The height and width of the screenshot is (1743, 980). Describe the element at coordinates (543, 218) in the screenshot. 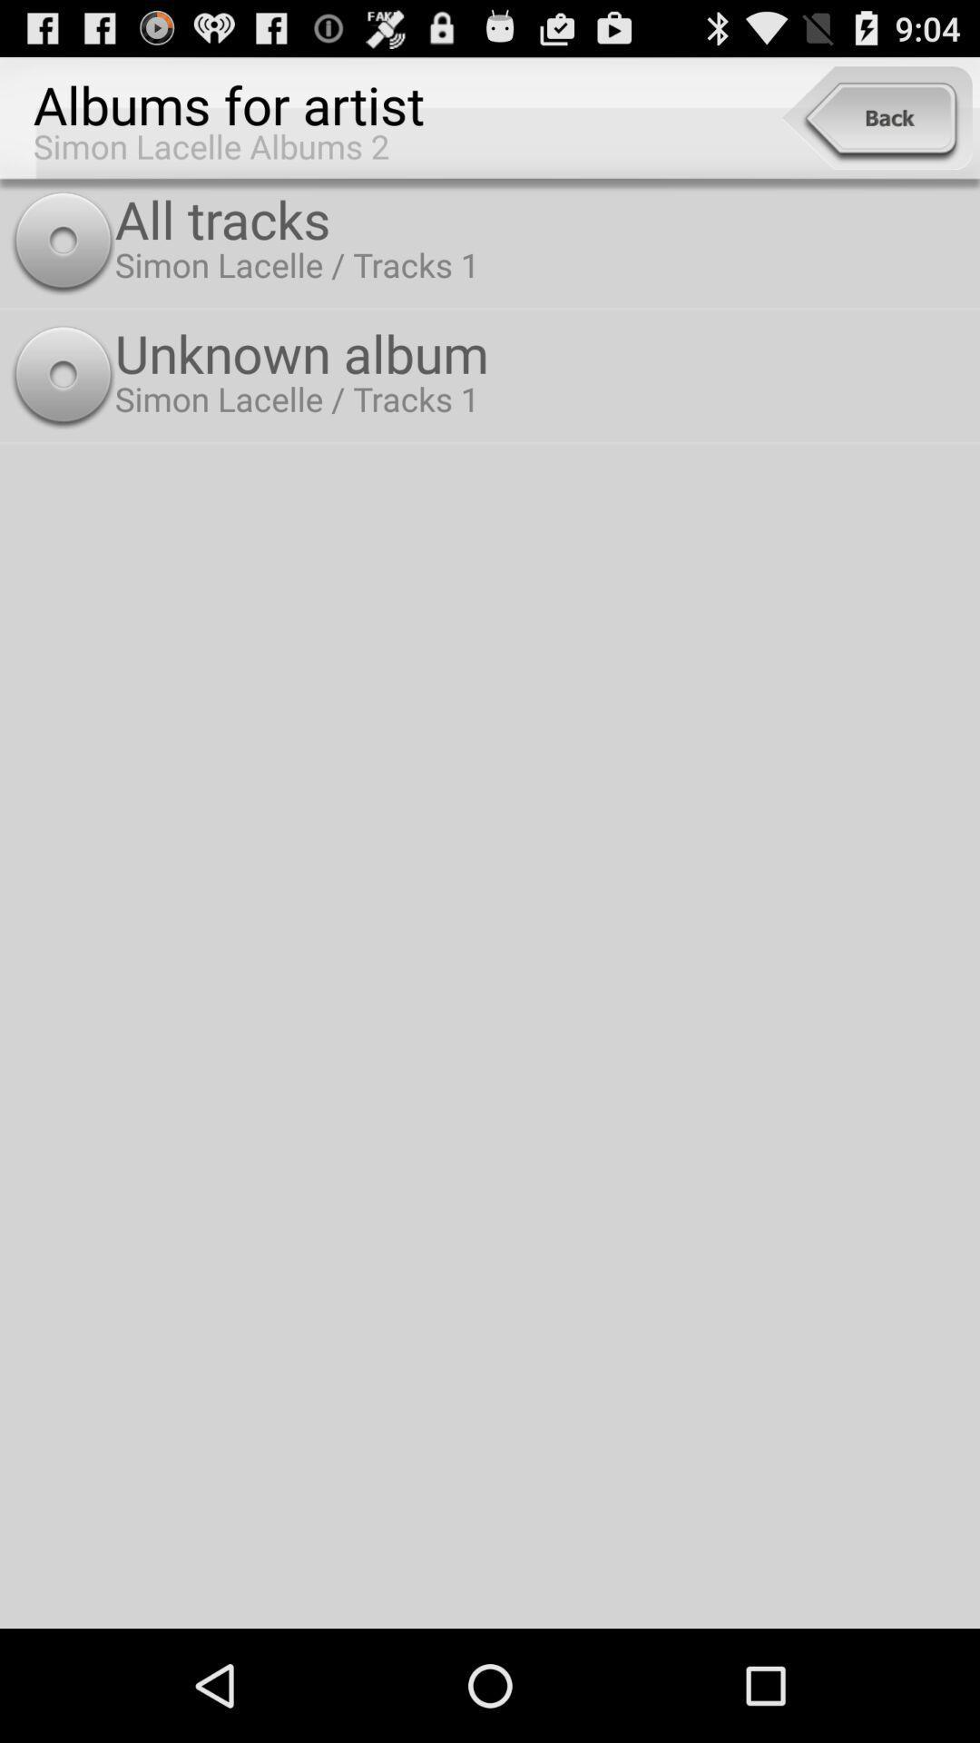

I see `the all tracks app` at that location.